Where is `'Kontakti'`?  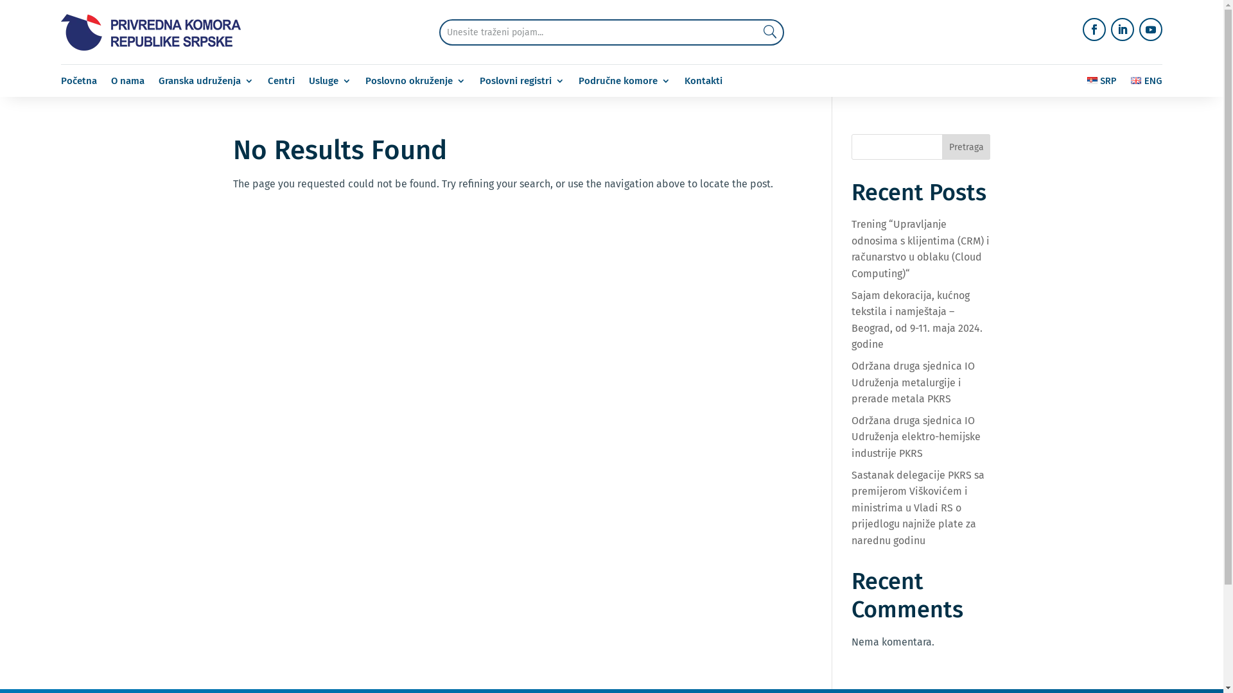 'Kontakti' is located at coordinates (703, 83).